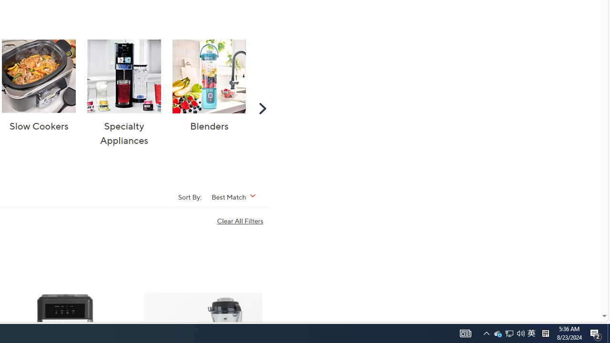  I want to click on 'Blenders Blenders', so click(209, 86).